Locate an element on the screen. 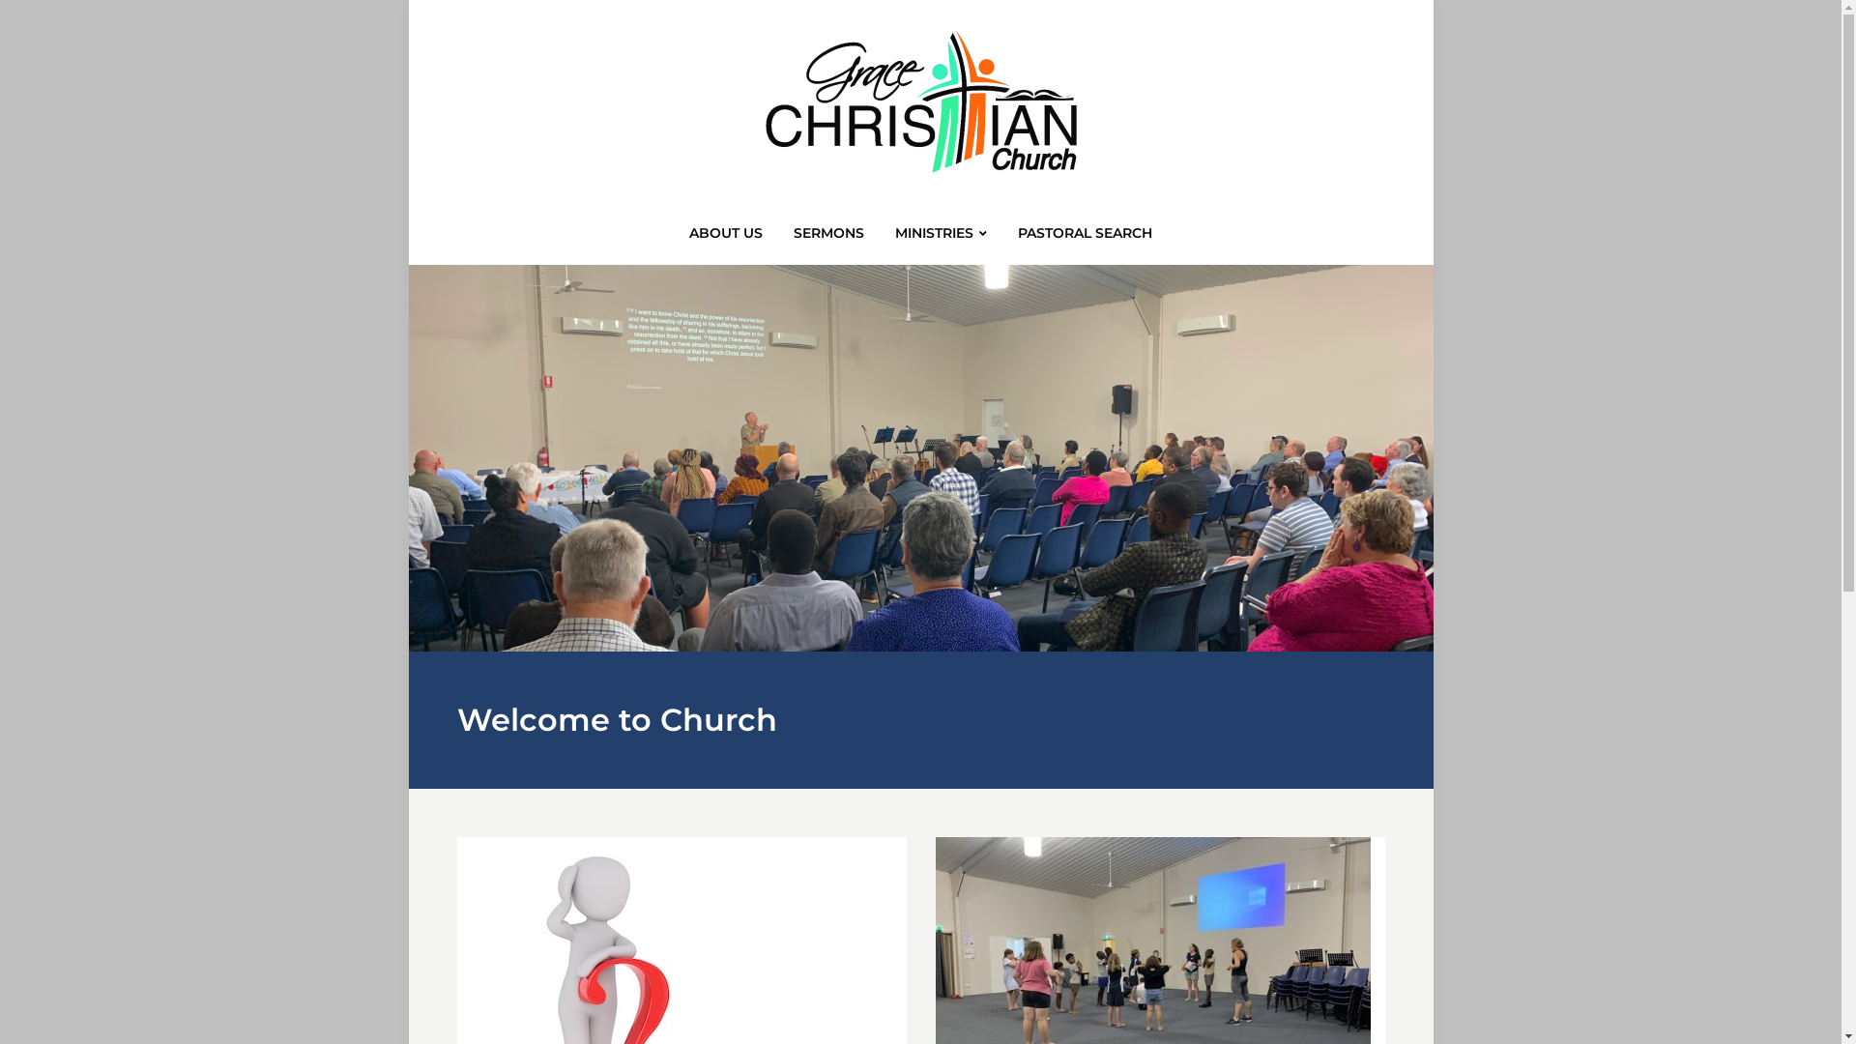  'MINISTRIES' is located at coordinates (941, 238).